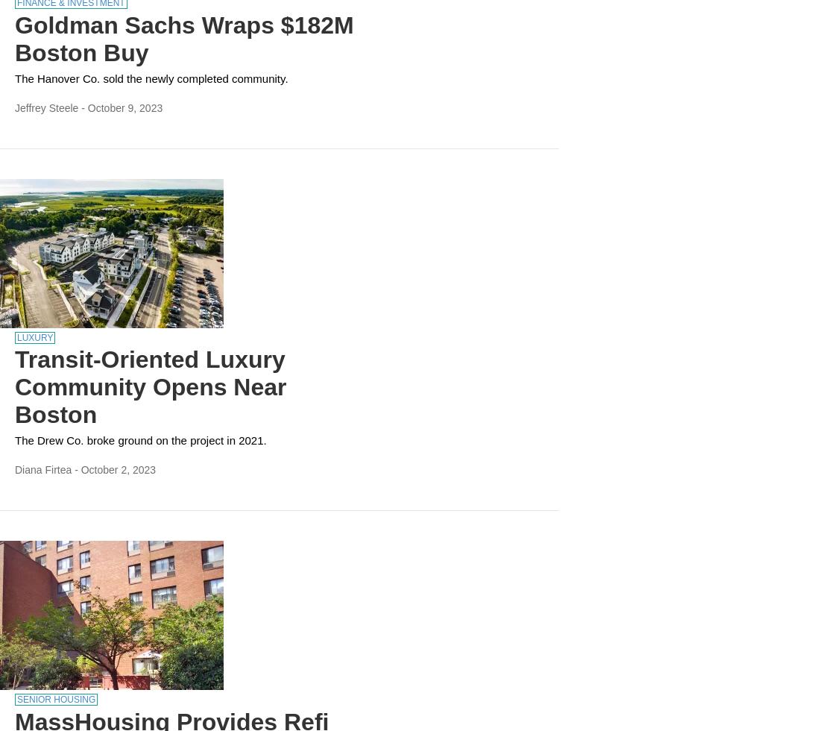 The height and width of the screenshot is (731, 820). Describe the element at coordinates (183, 38) in the screenshot. I see `'Goldman Sachs Wraps $182M Boston Buy'` at that location.